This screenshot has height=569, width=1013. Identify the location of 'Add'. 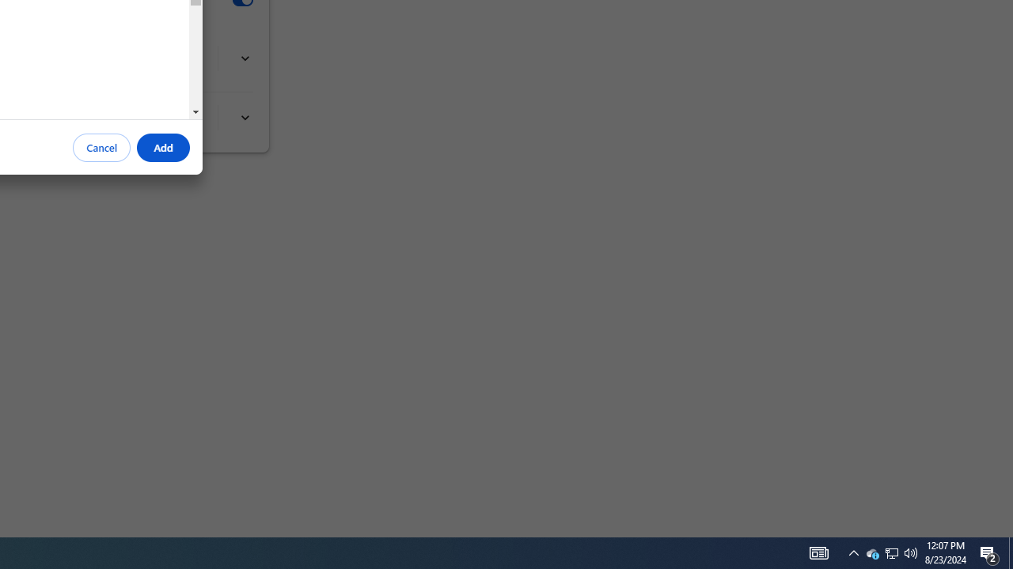
(163, 148).